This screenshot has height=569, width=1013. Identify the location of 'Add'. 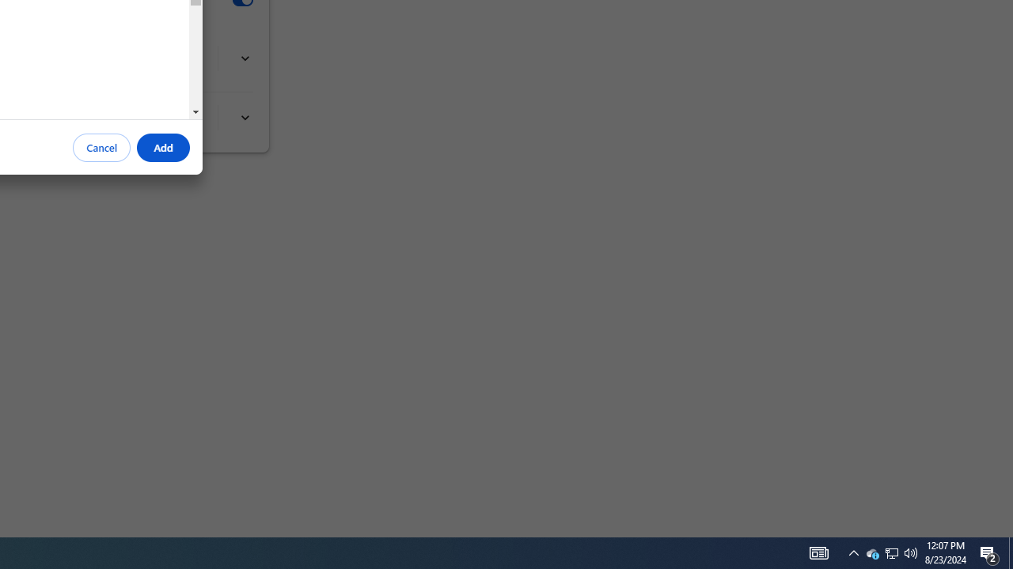
(163, 148).